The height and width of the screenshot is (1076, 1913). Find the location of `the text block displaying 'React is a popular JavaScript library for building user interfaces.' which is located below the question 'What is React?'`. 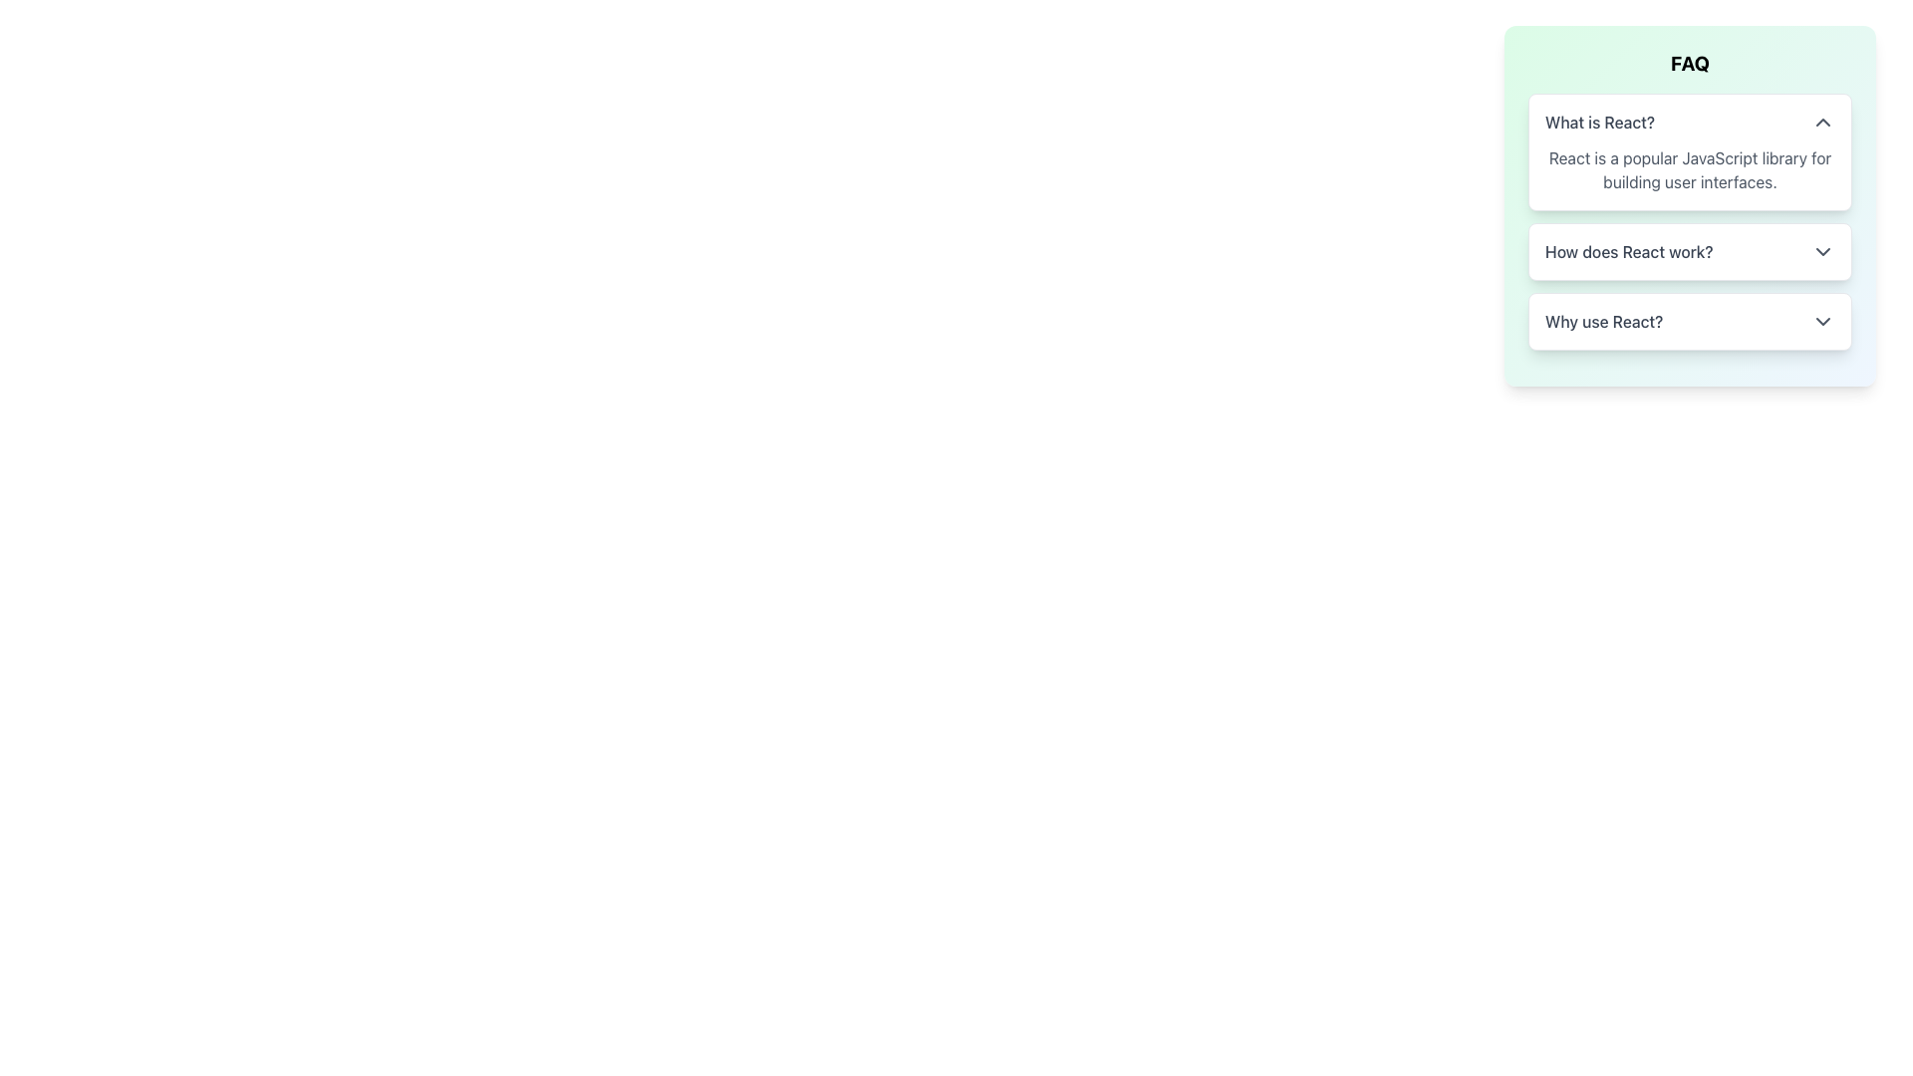

the text block displaying 'React is a popular JavaScript library for building user interfaces.' which is located below the question 'What is React?' is located at coordinates (1689, 168).